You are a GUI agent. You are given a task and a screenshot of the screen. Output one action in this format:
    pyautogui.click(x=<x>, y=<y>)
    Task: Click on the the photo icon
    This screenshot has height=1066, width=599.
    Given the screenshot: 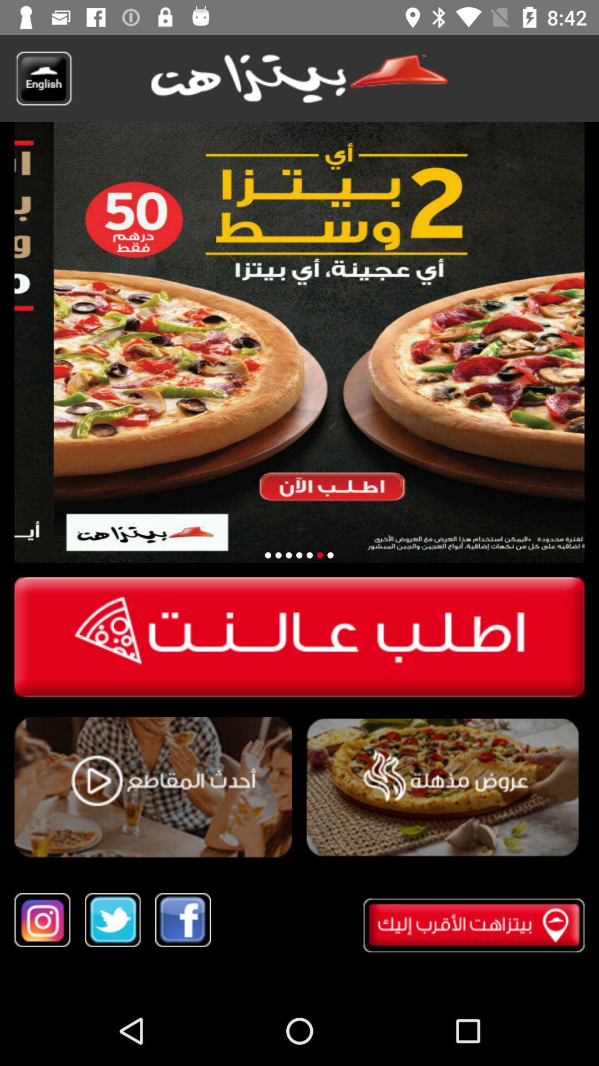 What is the action you would take?
    pyautogui.click(x=42, y=920)
    